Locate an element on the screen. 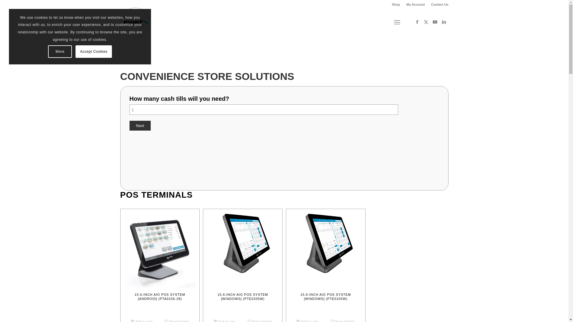 The height and width of the screenshot is (322, 573). '15.6-INCH AIO POS SYSTEM [ANDROID] (PTA0156-28)' is located at coordinates (160, 262).